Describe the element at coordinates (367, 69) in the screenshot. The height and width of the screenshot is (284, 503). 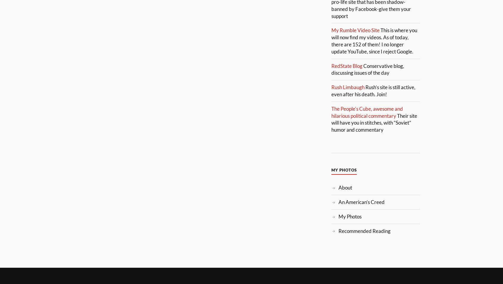
I see `'Conservative blog, discussing issues of the day'` at that location.